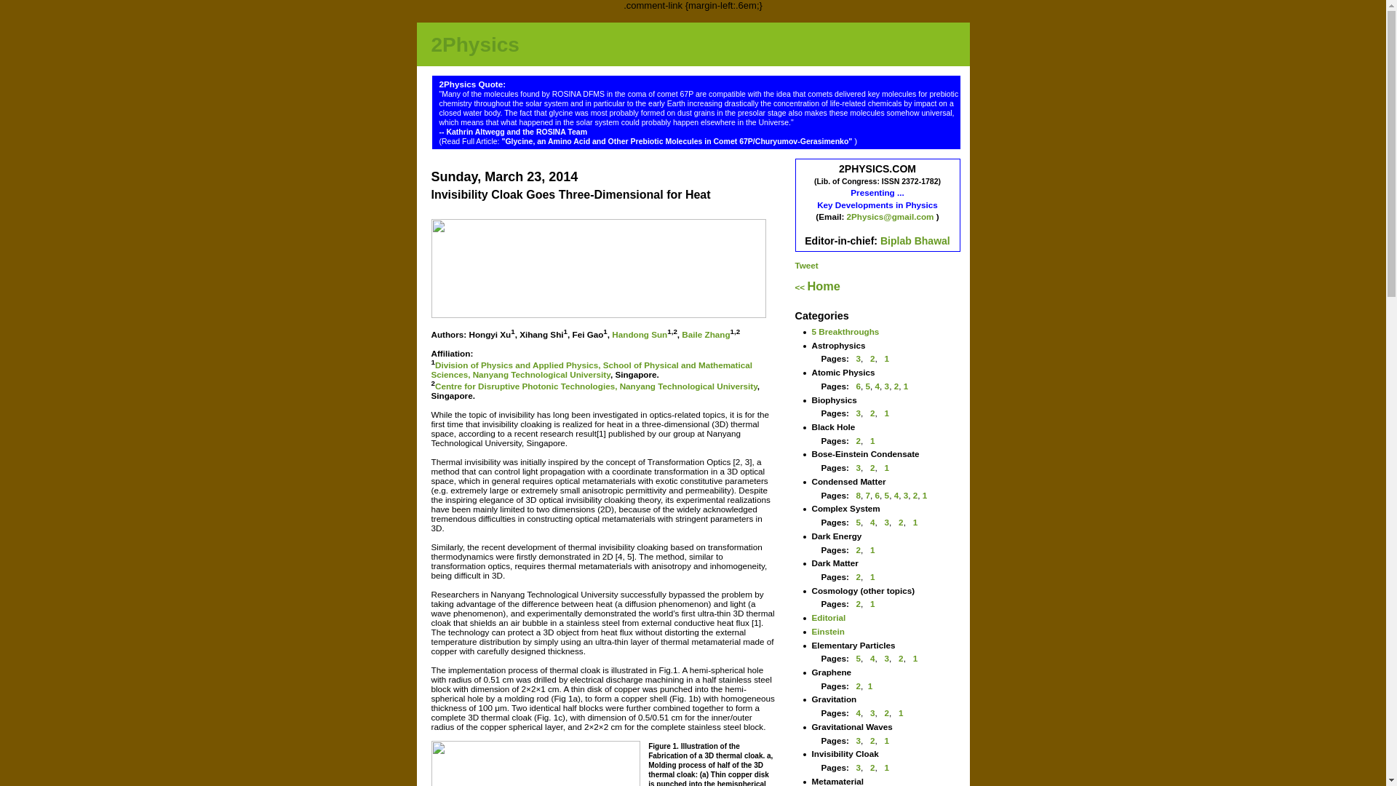 This screenshot has height=786, width=1397. What do you see at coordinates (886, 494) in the screenshot?
I see `'5'` at bounding box center [886, 494].